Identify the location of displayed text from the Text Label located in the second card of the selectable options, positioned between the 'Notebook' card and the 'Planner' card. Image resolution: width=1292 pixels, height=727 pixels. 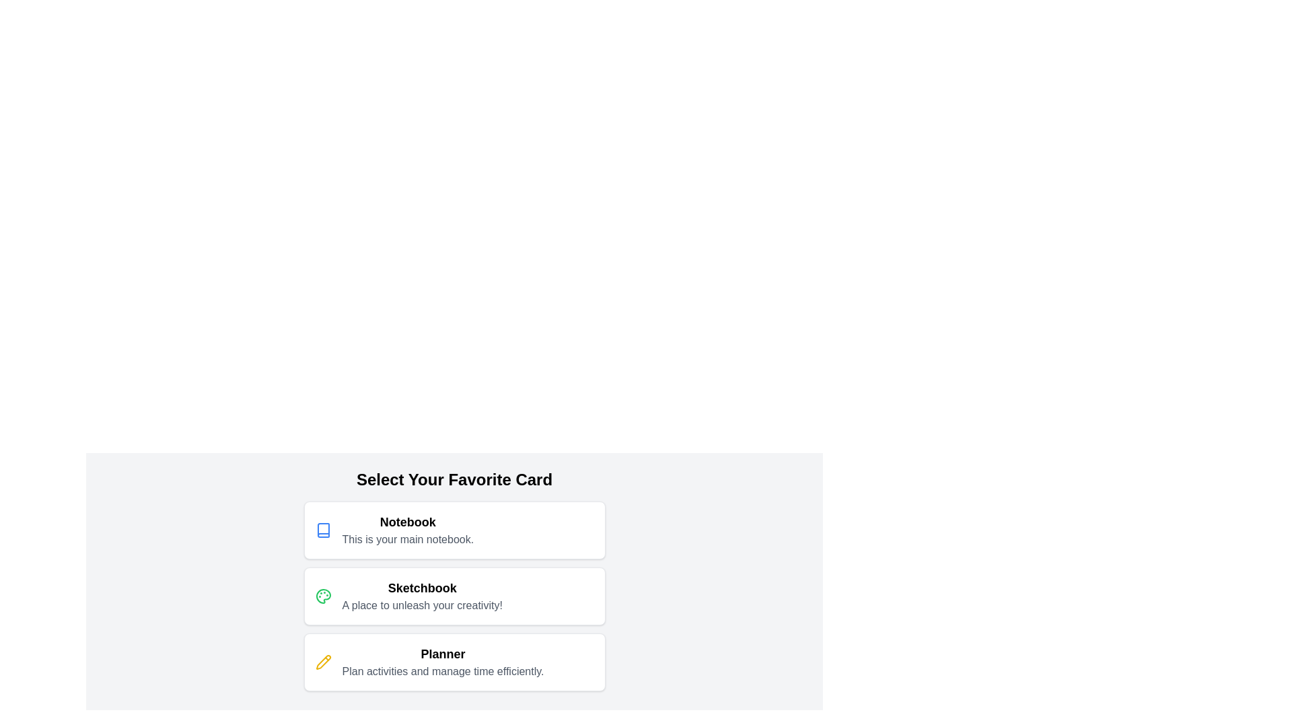
(421, 596).